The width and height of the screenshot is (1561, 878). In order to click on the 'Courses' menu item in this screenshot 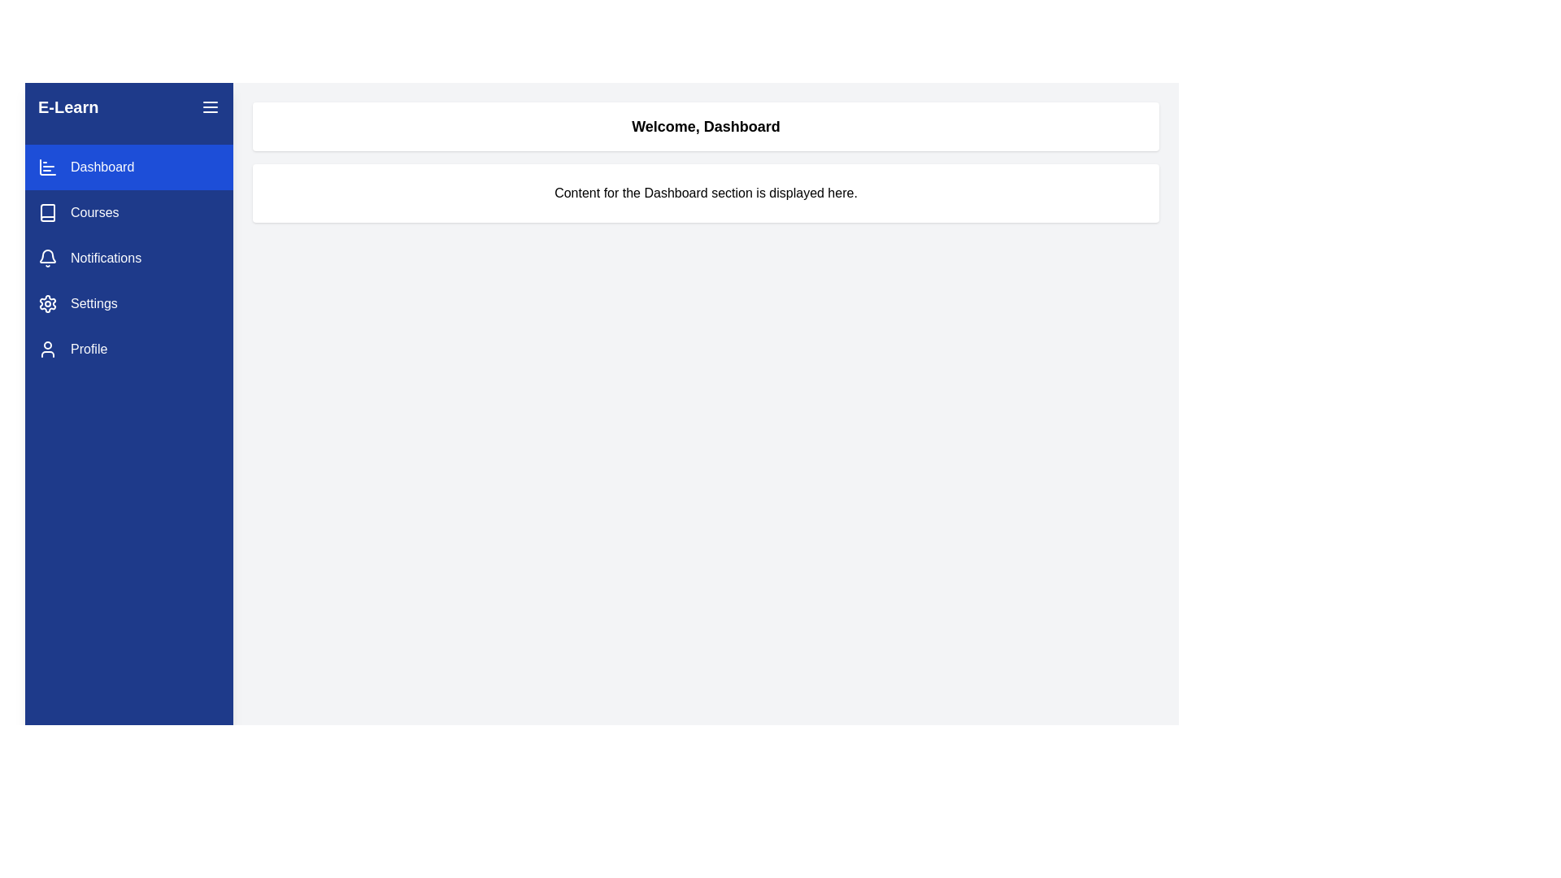, I will do `click(128, 212)`.